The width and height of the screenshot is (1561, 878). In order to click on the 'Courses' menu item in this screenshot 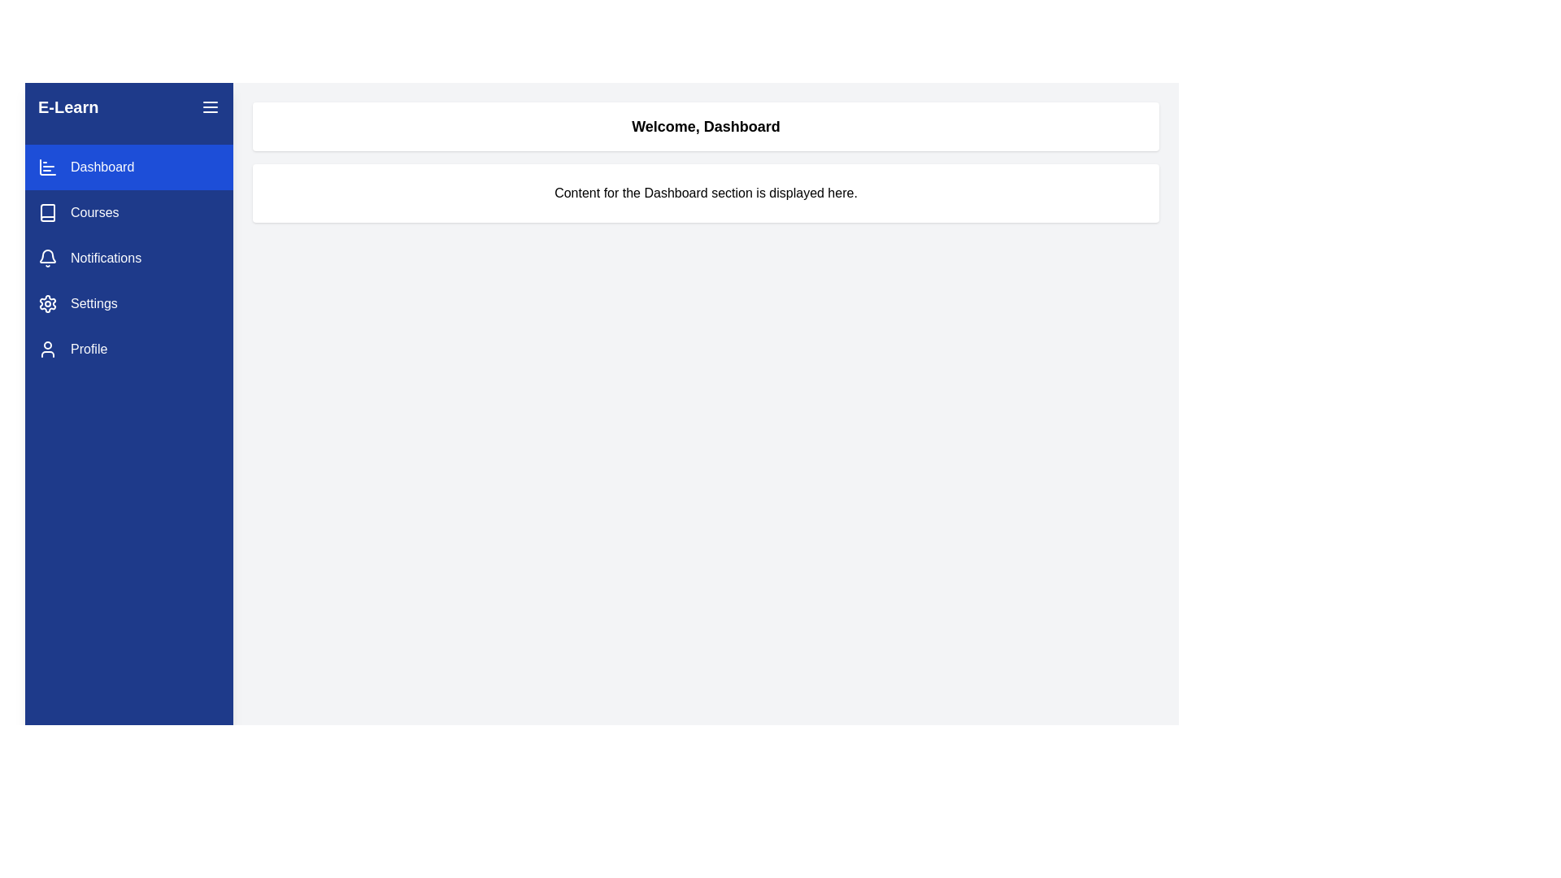, I will do `click(128, 212)`.